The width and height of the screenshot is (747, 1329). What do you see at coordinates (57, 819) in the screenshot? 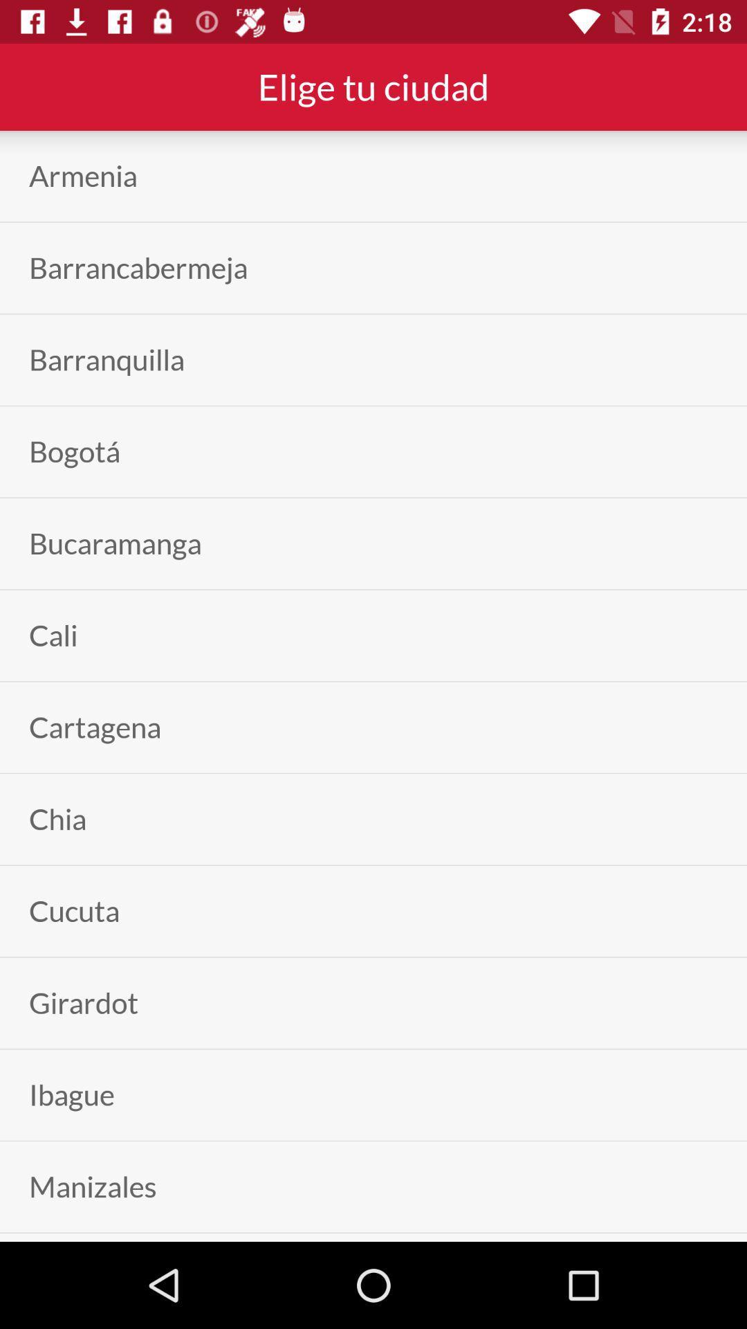
I see `the icon above cucuta icon` at bounding box center [57, 819].